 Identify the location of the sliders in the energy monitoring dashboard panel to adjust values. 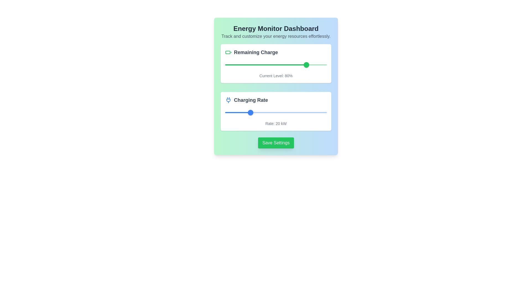
(276, 86).